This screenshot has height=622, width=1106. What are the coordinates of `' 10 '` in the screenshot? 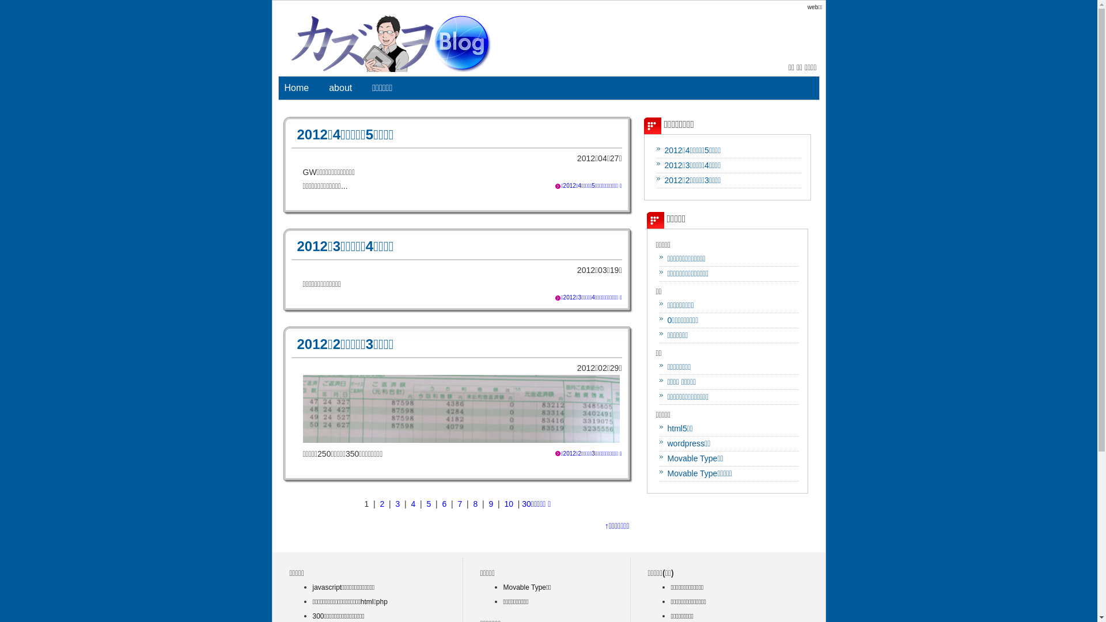 It's located at (508, 503).